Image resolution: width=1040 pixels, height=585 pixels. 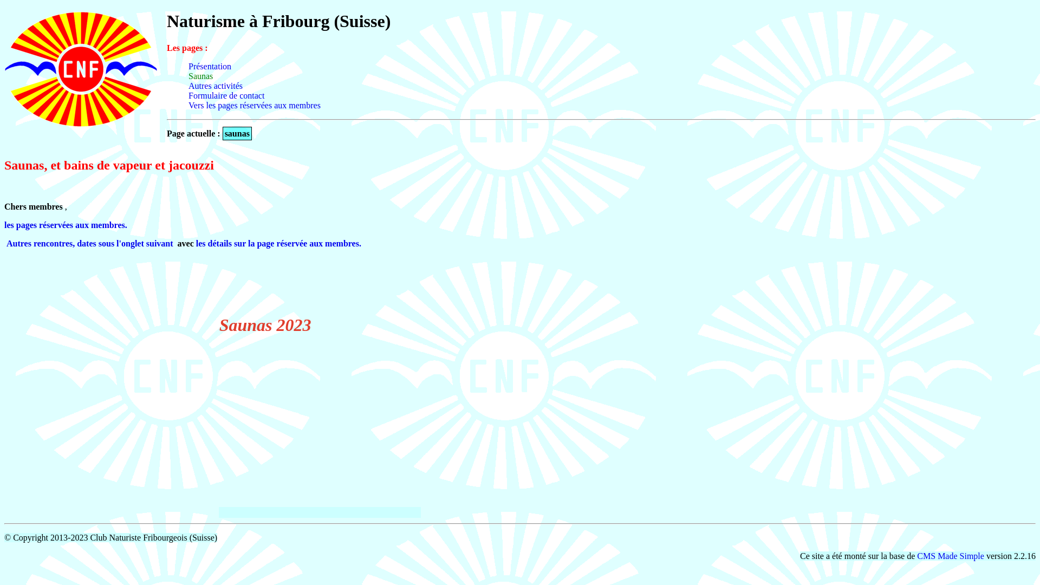 I want to click on 'Saunas', so click(x=200, y=75).